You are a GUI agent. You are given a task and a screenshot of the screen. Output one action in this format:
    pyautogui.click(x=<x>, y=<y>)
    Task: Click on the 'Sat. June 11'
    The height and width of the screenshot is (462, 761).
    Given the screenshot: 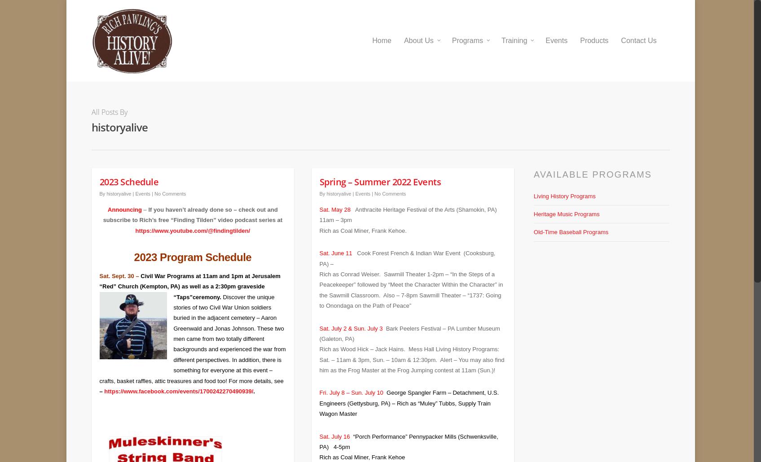 What is the action you would take?
    pyautogui.click(x=336, y=247)
    